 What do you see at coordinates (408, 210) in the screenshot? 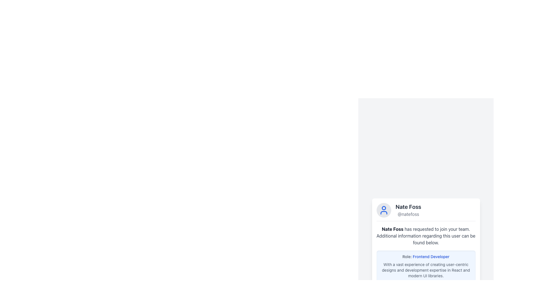
I see `text displayed in the profile name and username section located in the lower right card layout of the interface, to the right of an icon` at bounding box center [408, 210].